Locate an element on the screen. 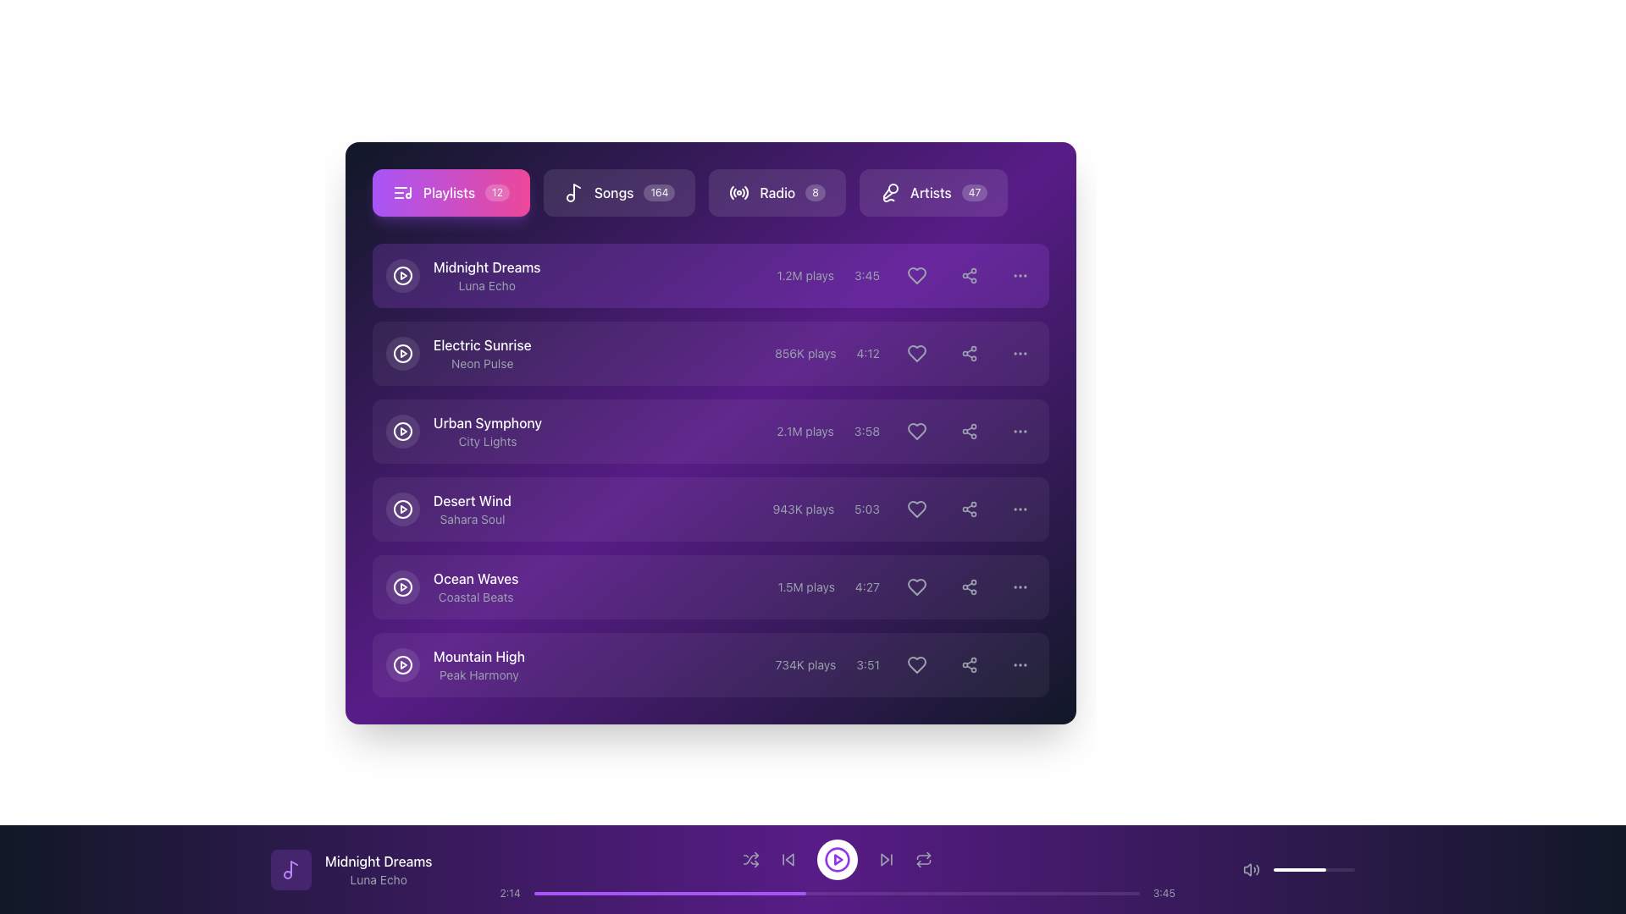  the play button located at the leftmost part of the row for the song 'Midnight Dreams' by 'Luna Echo' is located at coordinates (401, 275).